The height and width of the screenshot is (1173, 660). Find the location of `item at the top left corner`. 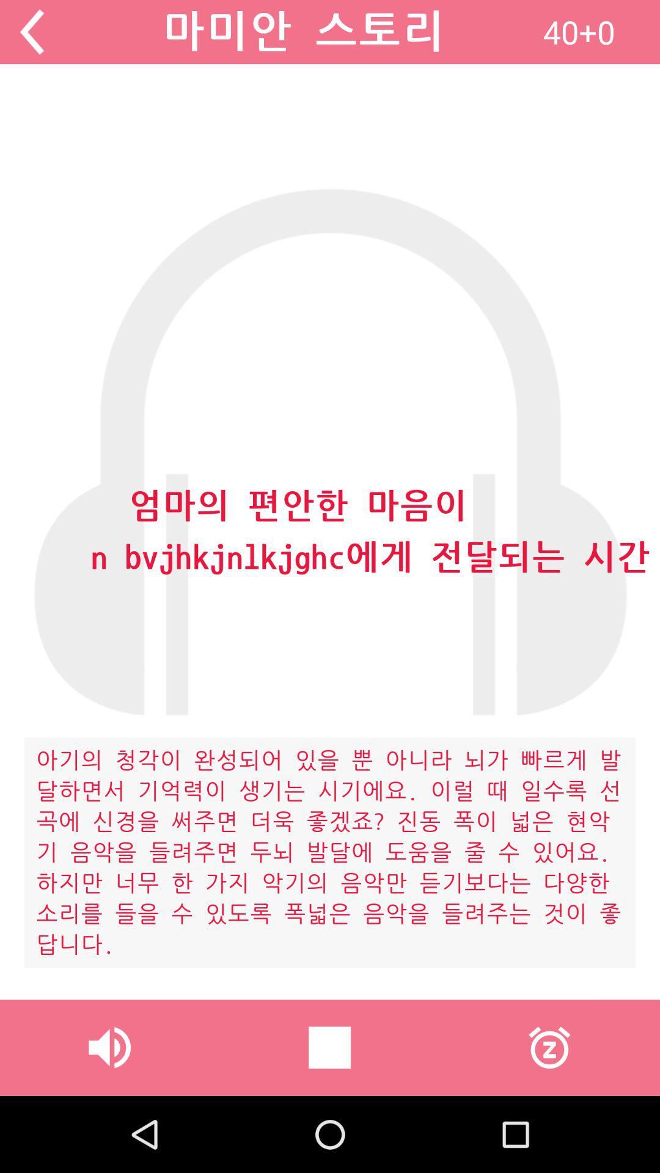

item at the top left corner is located at coordinates (31, 32).